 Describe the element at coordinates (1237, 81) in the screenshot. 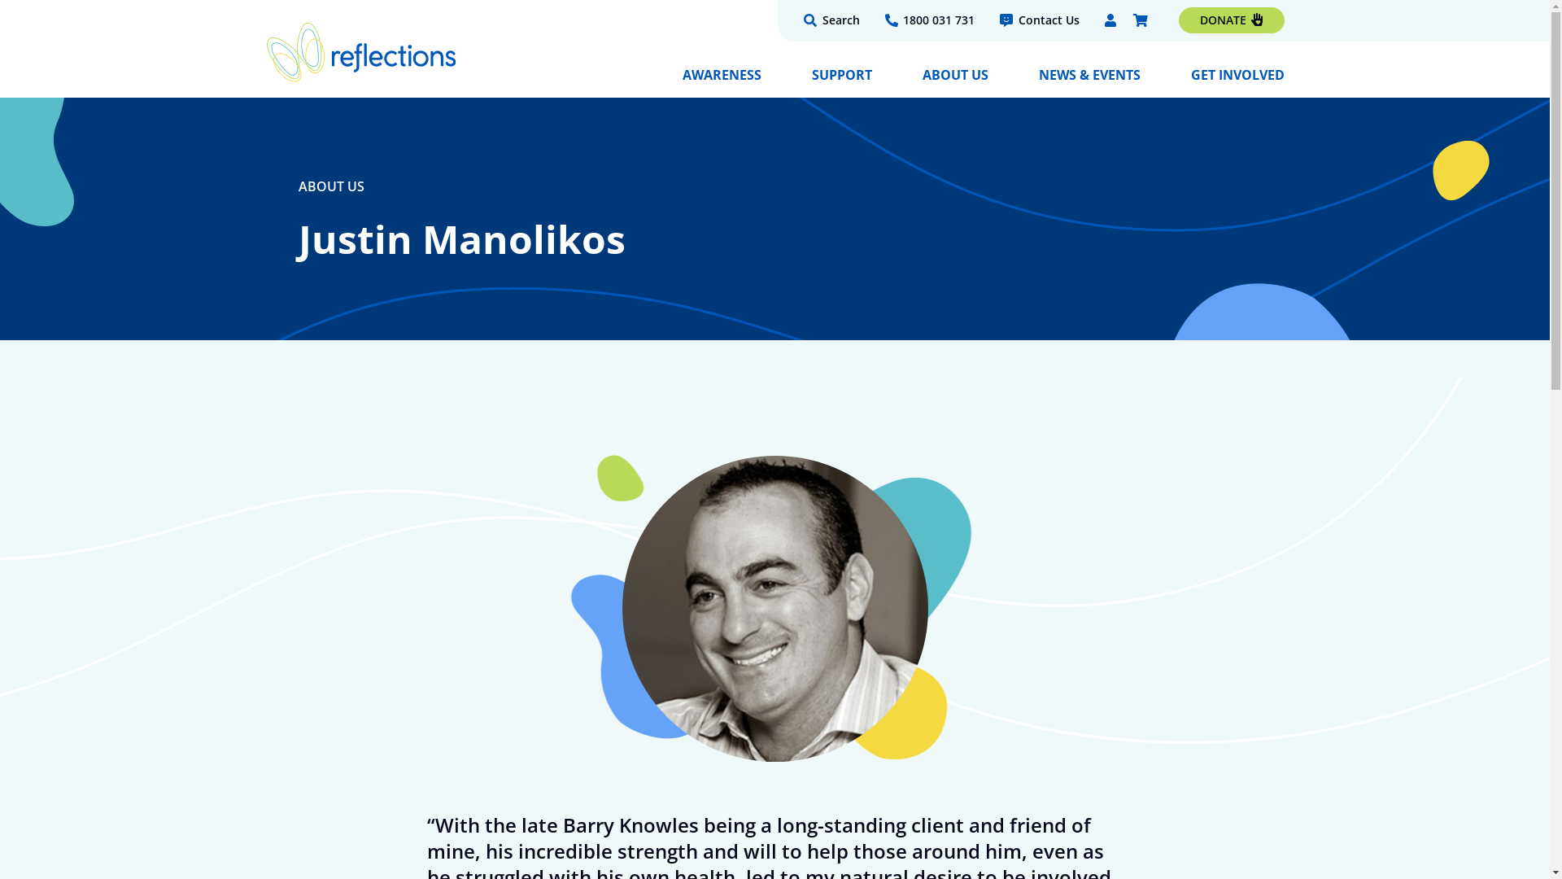

I see `'GET INVOLVED'` at that location.